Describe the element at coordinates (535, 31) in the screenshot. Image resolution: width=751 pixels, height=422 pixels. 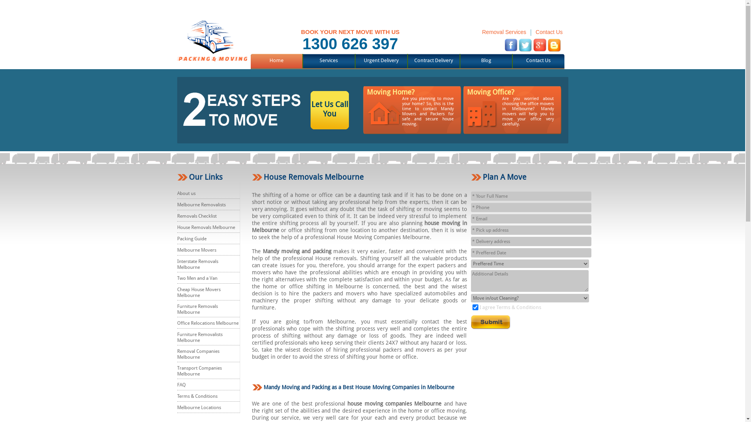
I see `'Contact Us'` at that location.